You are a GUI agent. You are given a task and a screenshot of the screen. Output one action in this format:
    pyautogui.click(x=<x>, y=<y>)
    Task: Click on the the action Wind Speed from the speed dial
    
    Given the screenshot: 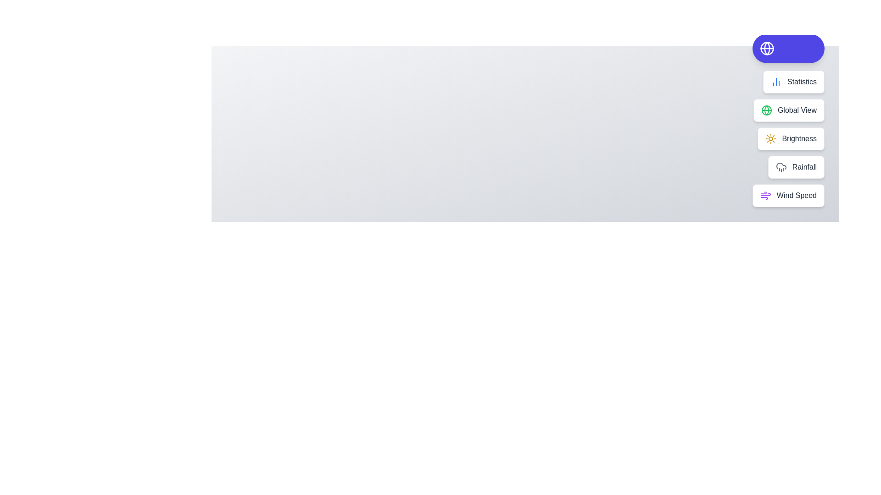 What is the action you would take?
    pyautogui.click(x=788, y=195)
    